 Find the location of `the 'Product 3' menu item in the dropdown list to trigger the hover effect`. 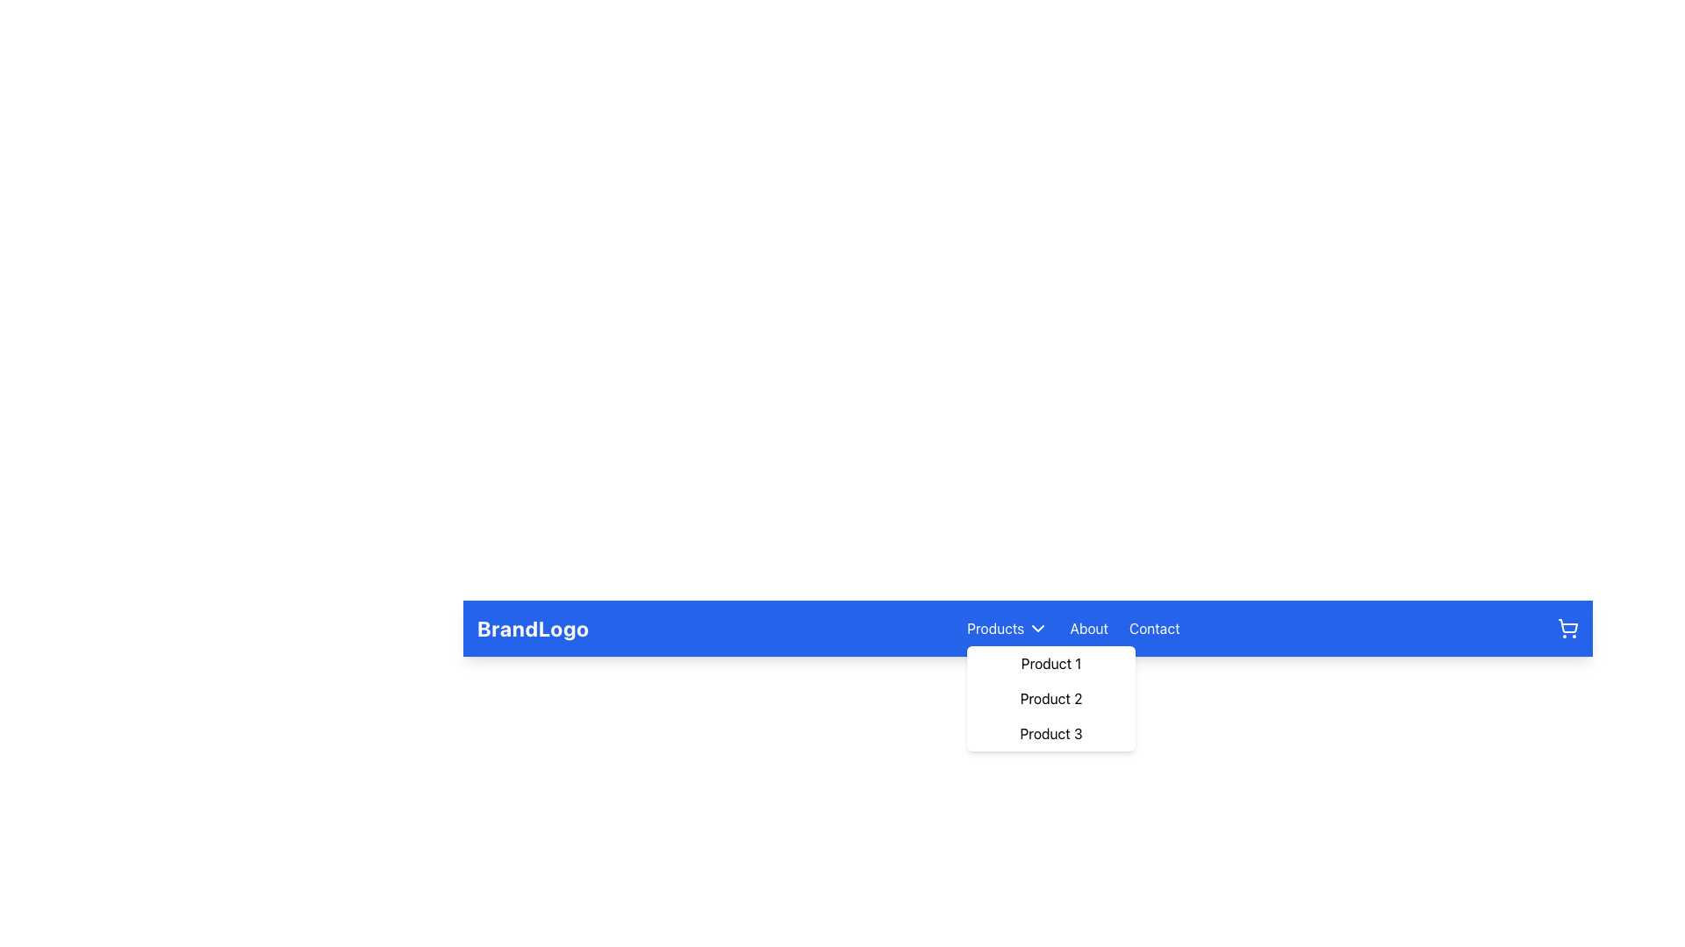

the 'Product 3' menu item in the dropdown list to trigger the hover effect is located at coordinates (1051, 734).